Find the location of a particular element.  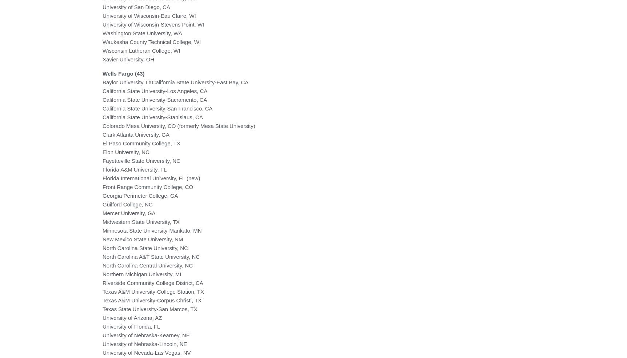

'Riverside Community College District, CA' is located at coordinates (152, 282).